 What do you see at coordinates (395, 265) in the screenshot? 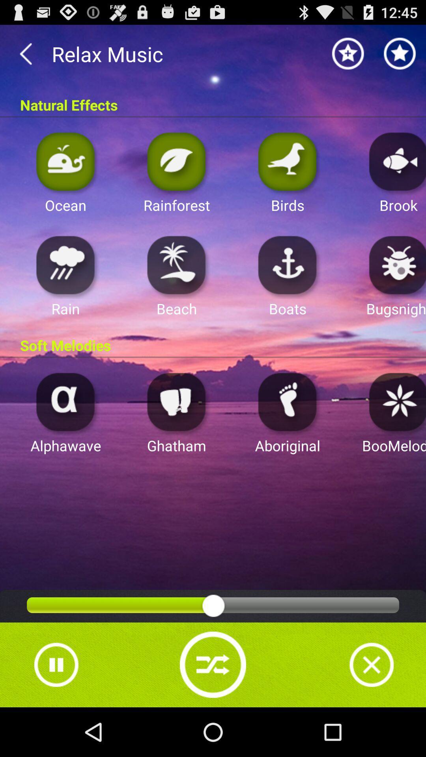
I see `choose sound` at bounding box center [395, 265].